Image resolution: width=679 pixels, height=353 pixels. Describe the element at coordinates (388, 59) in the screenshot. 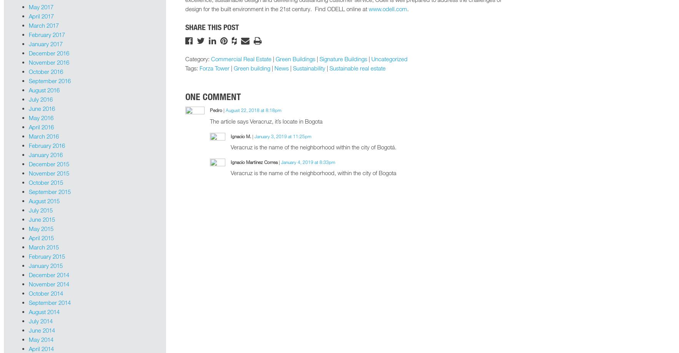

I see `'Uncategorized'` at that location.